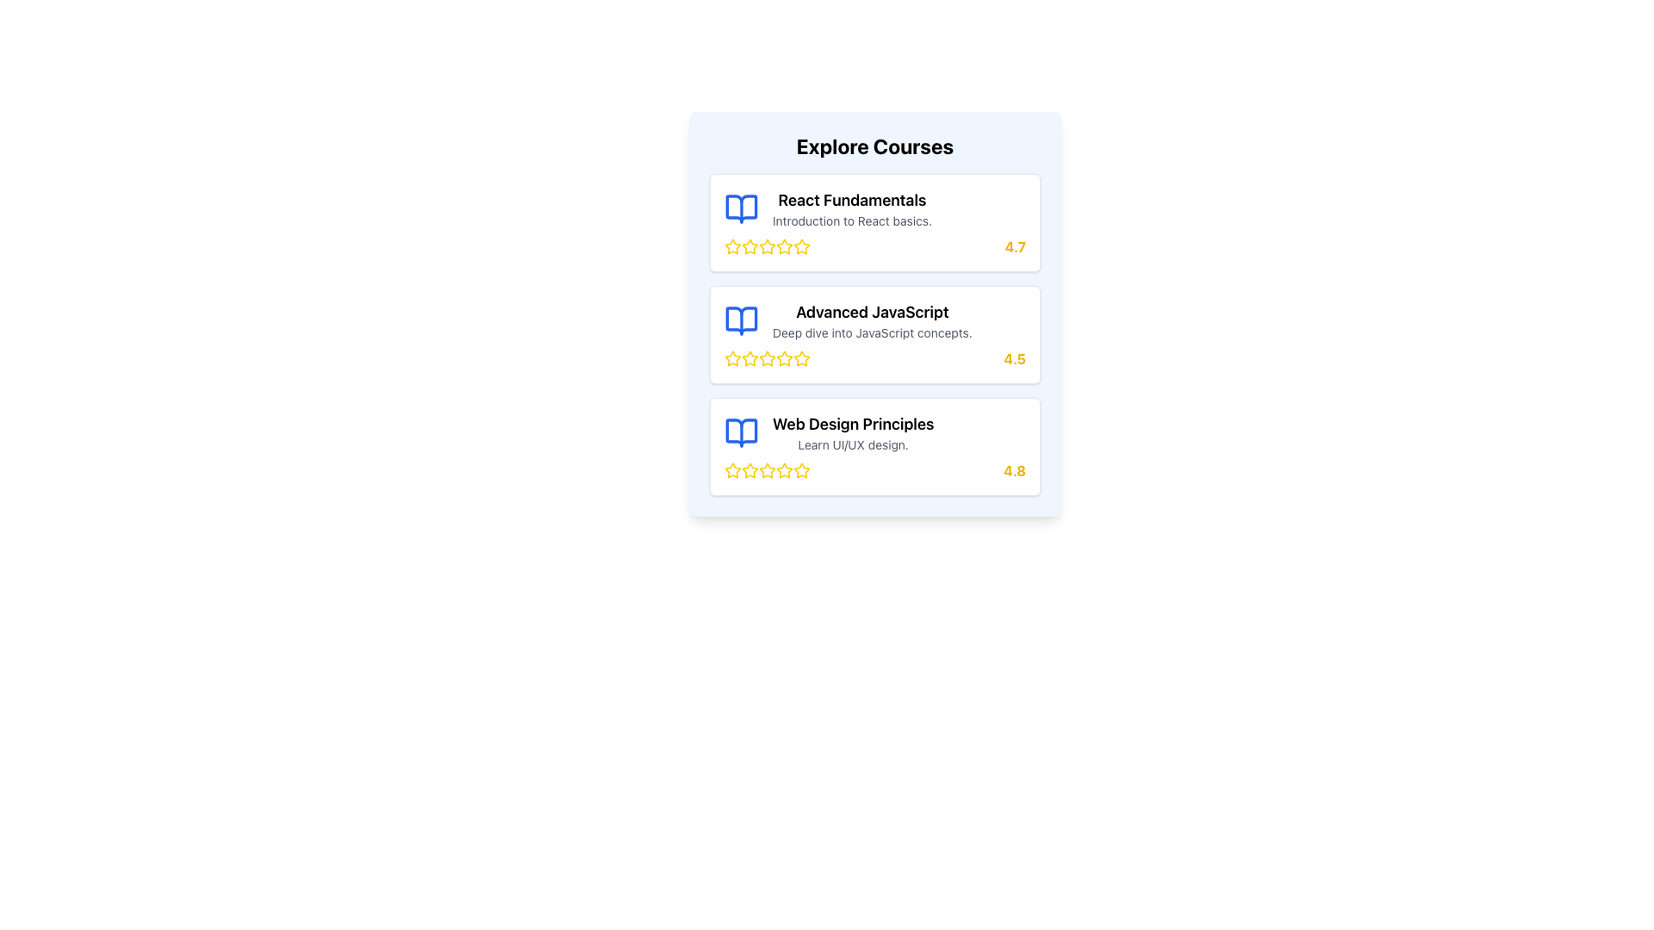 The height and width of the screenshot is (930, 1654). What do you see at coordinates (767, 471) in the screenshot?
I see `the third star icon in the 5-star rating system for the 'Web Design Principles' course` at bounding box center [767, 471].